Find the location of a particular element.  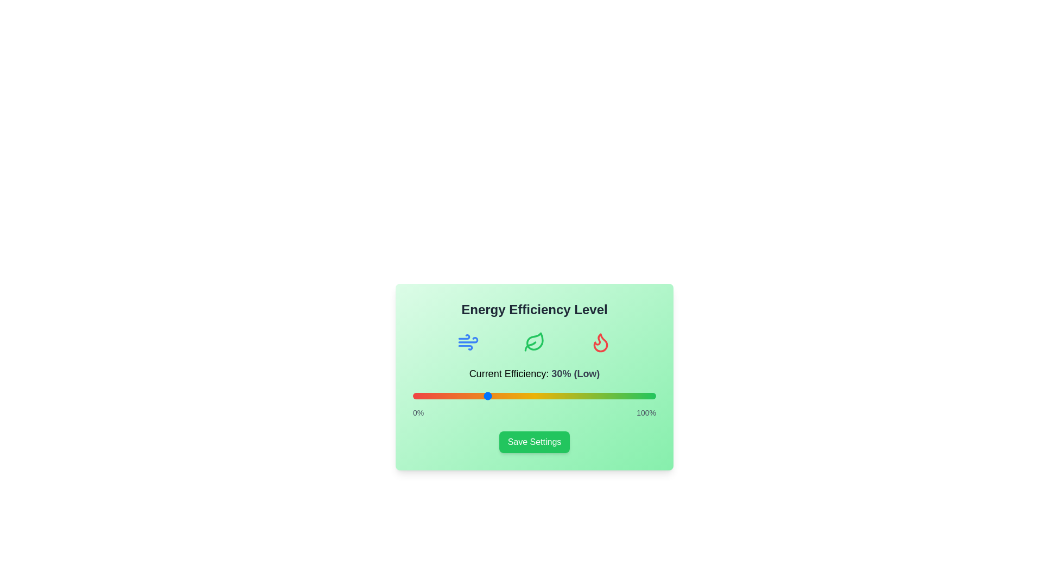

the 'Save Settings' button to save the current efficiency level is located at coordinates (534, 442).